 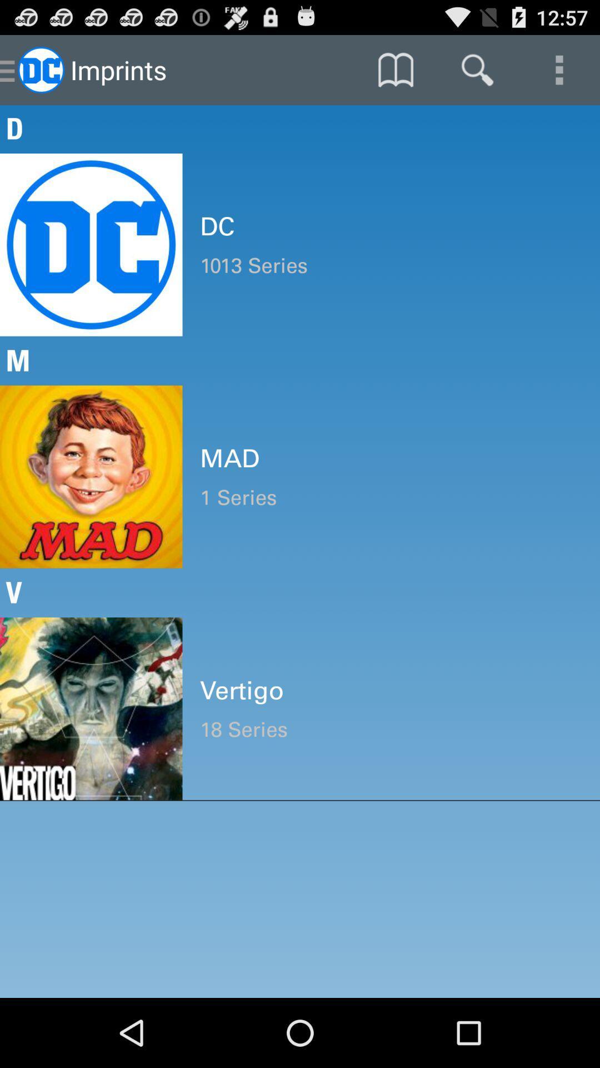 What do you see at coordinates (395, 69) in the screenshot?
I see `item to the right of the imprints` at bounding box center [395, 69].